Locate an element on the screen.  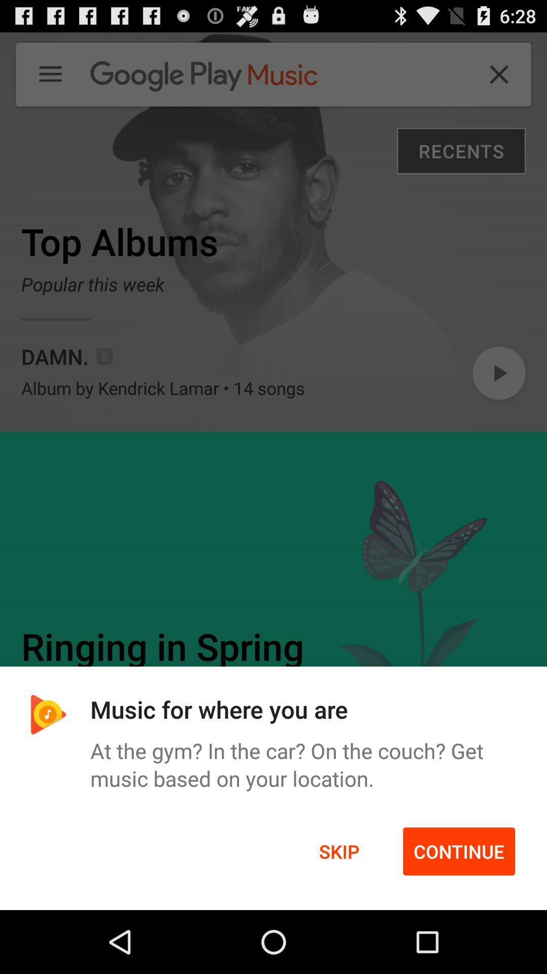
the continue at the bottom right corner is located at coordinates (459, 851).